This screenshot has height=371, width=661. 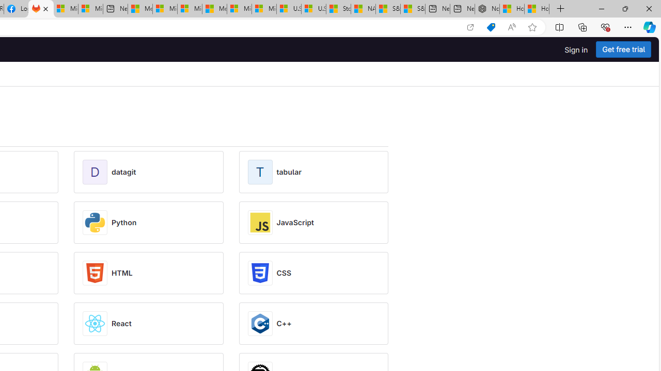 What do you see at coordinates (122, 272) in the screenshot?
I see `'HTML'` at bounding box center [122, 272].